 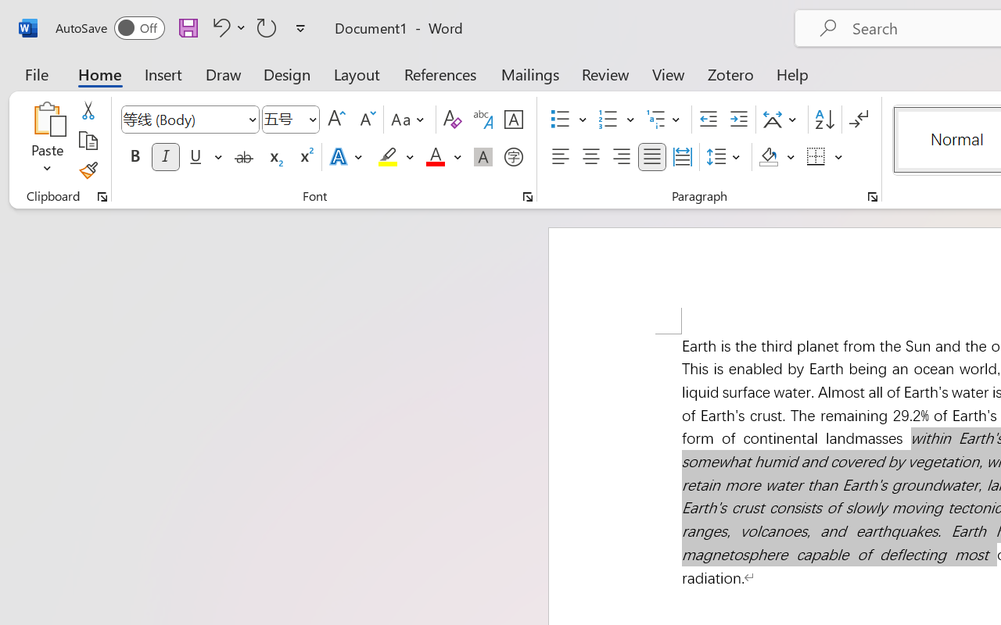 I want to click on 'Asian Layout', so click(x=782, y=120).